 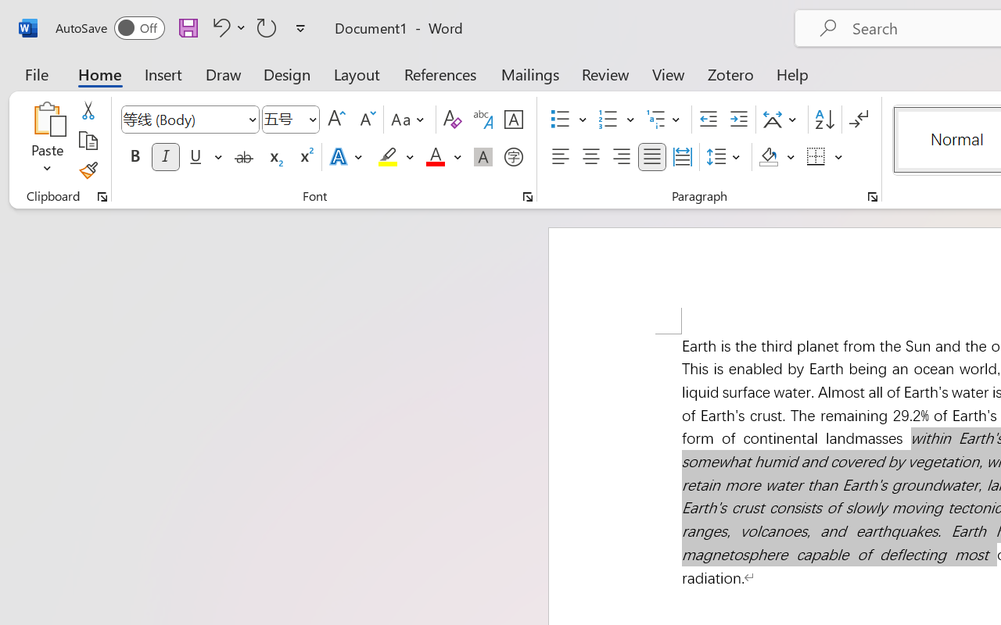 I want to click on 'Asian Layout', so click(x=782, y=120).